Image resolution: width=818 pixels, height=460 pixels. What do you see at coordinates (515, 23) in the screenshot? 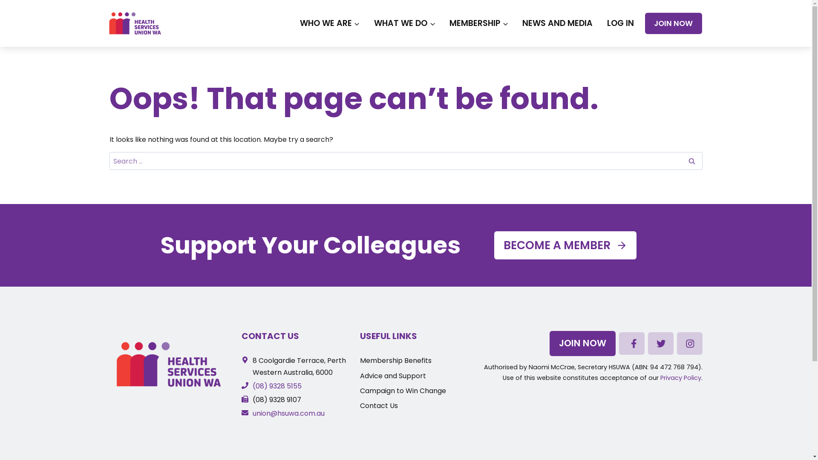
I see `'NEWS AND MEDIA'` at bounding box center [515, 23].